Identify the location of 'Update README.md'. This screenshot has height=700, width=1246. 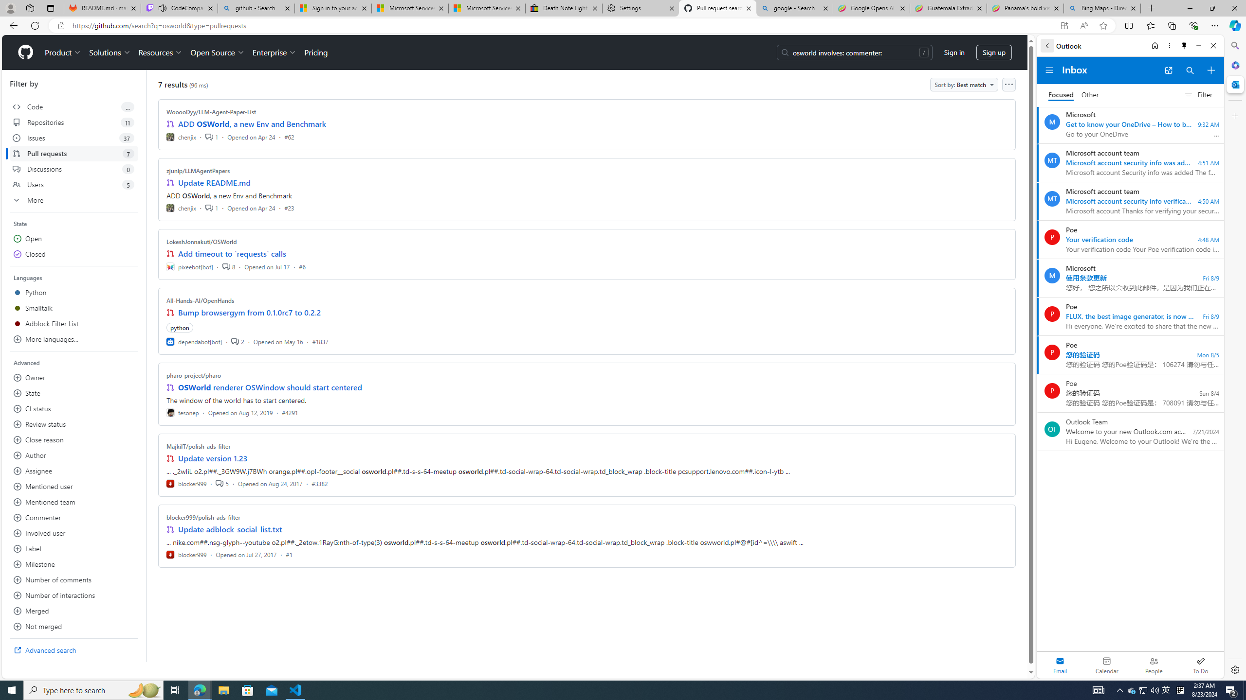
(214, 182).